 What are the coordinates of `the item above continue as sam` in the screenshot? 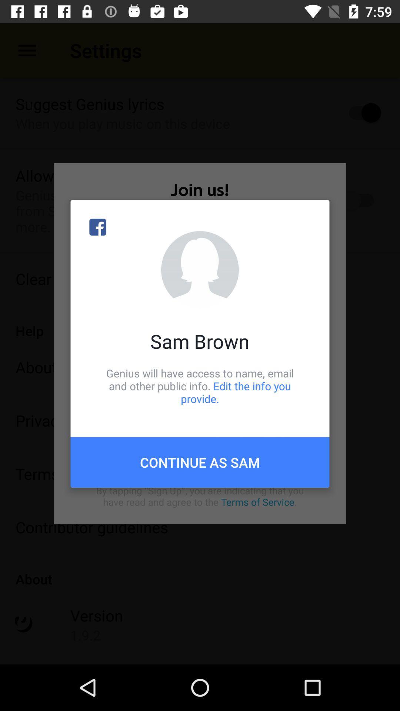 It's located at (200, 385).